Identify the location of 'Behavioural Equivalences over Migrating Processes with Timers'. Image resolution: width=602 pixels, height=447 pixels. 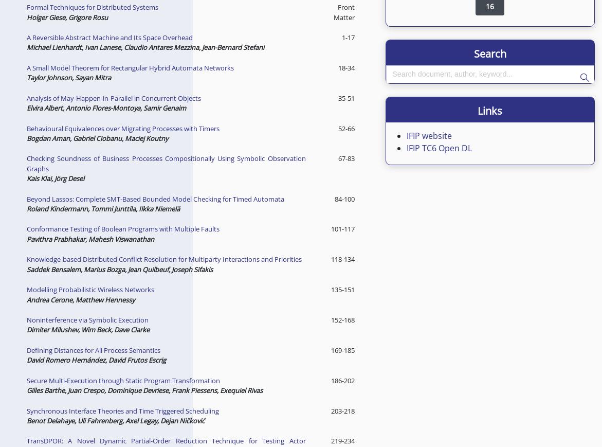
(122, 127).